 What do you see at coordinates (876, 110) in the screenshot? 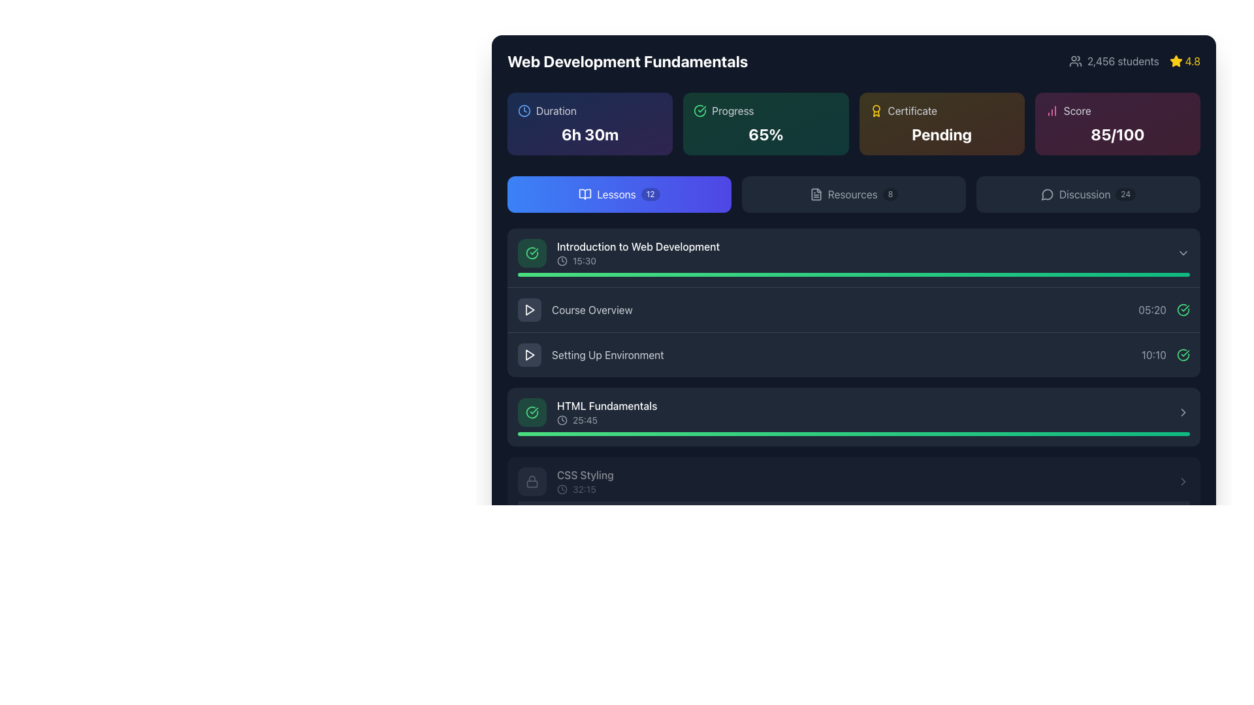
I see `the small yellow award badge icon located next to the text 'Certificate' in the top-right section of the interface` at bounding box center [876, 110].